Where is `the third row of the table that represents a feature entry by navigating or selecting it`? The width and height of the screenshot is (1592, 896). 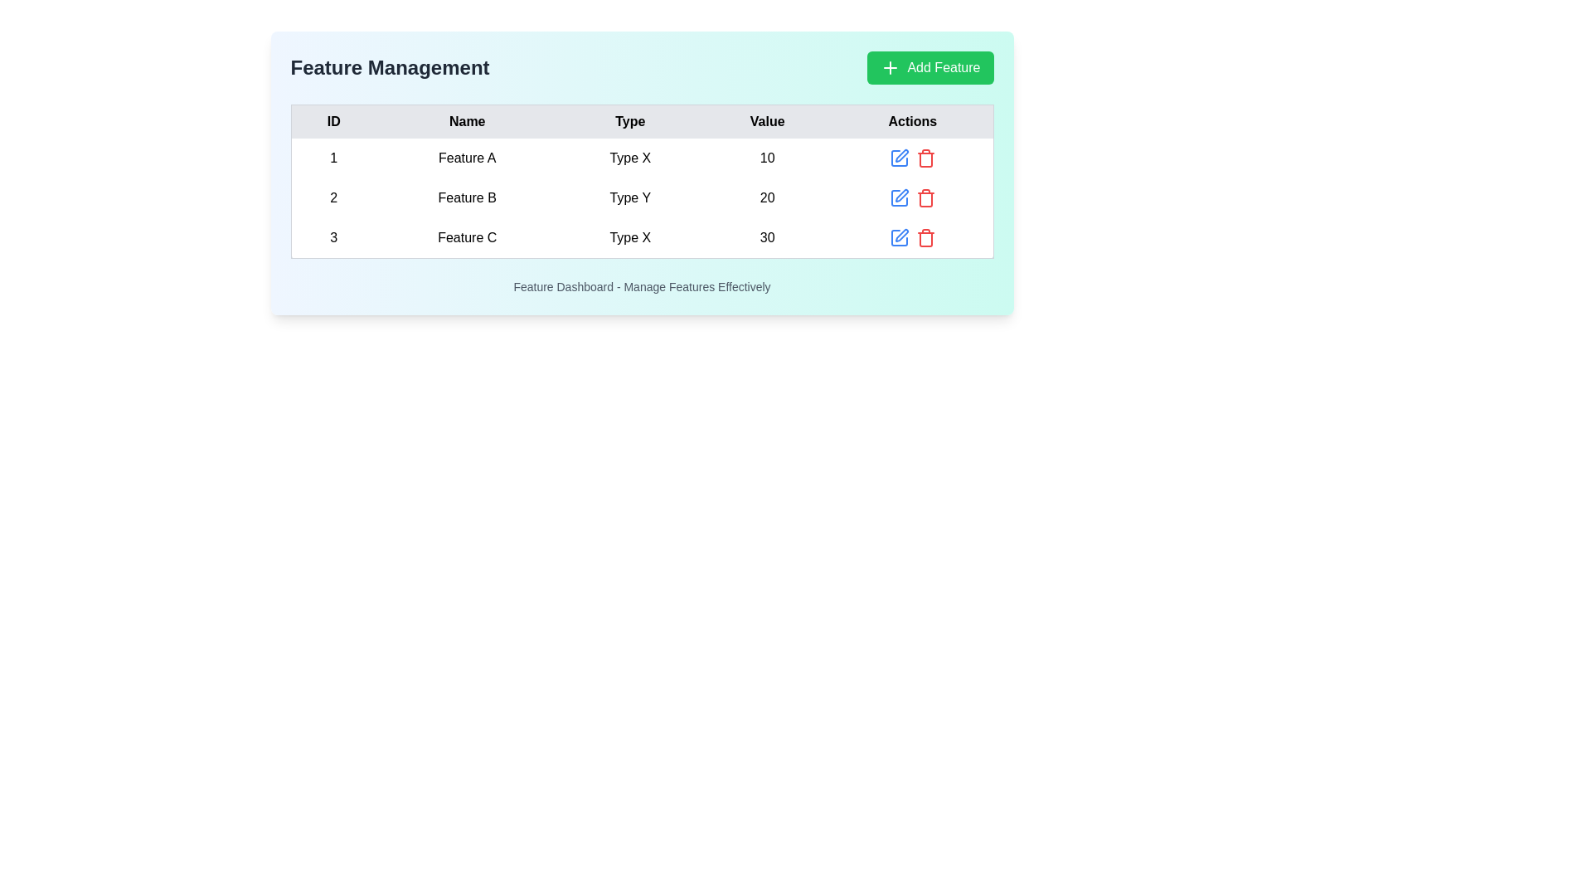 the third row of the table that represents a feature entry by navigating or selecting it is located at coordinates (641, 238).